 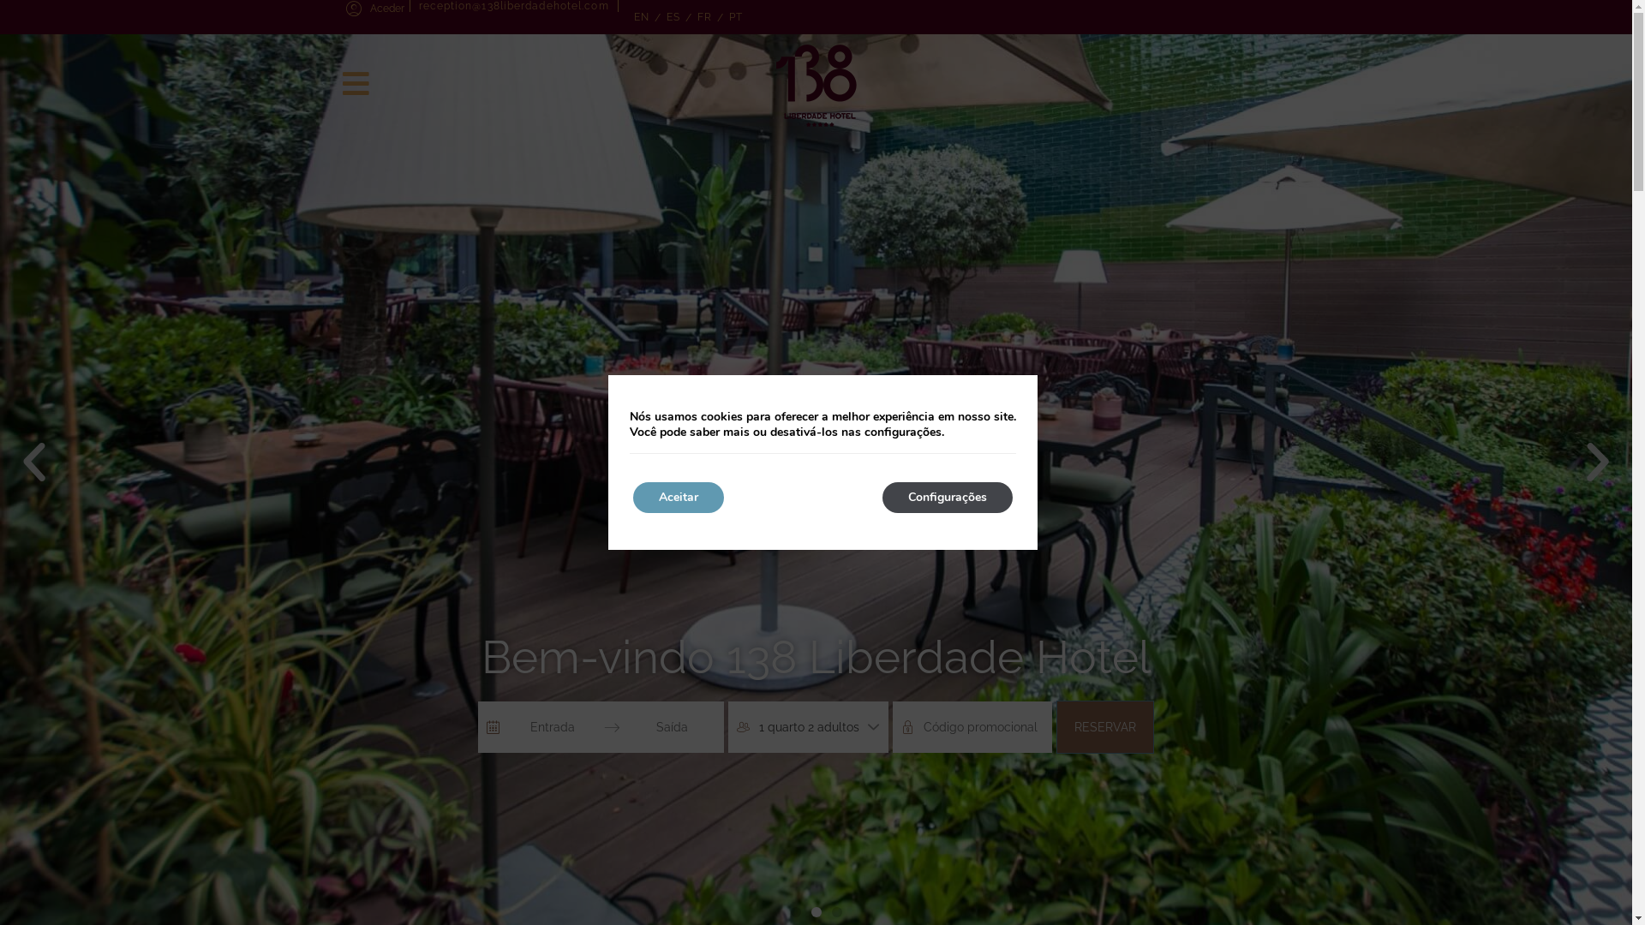 What do you see at coordinates (677, 498) in the screenshot?
I see `'Aceitar'` at bounding box center [677, 498].